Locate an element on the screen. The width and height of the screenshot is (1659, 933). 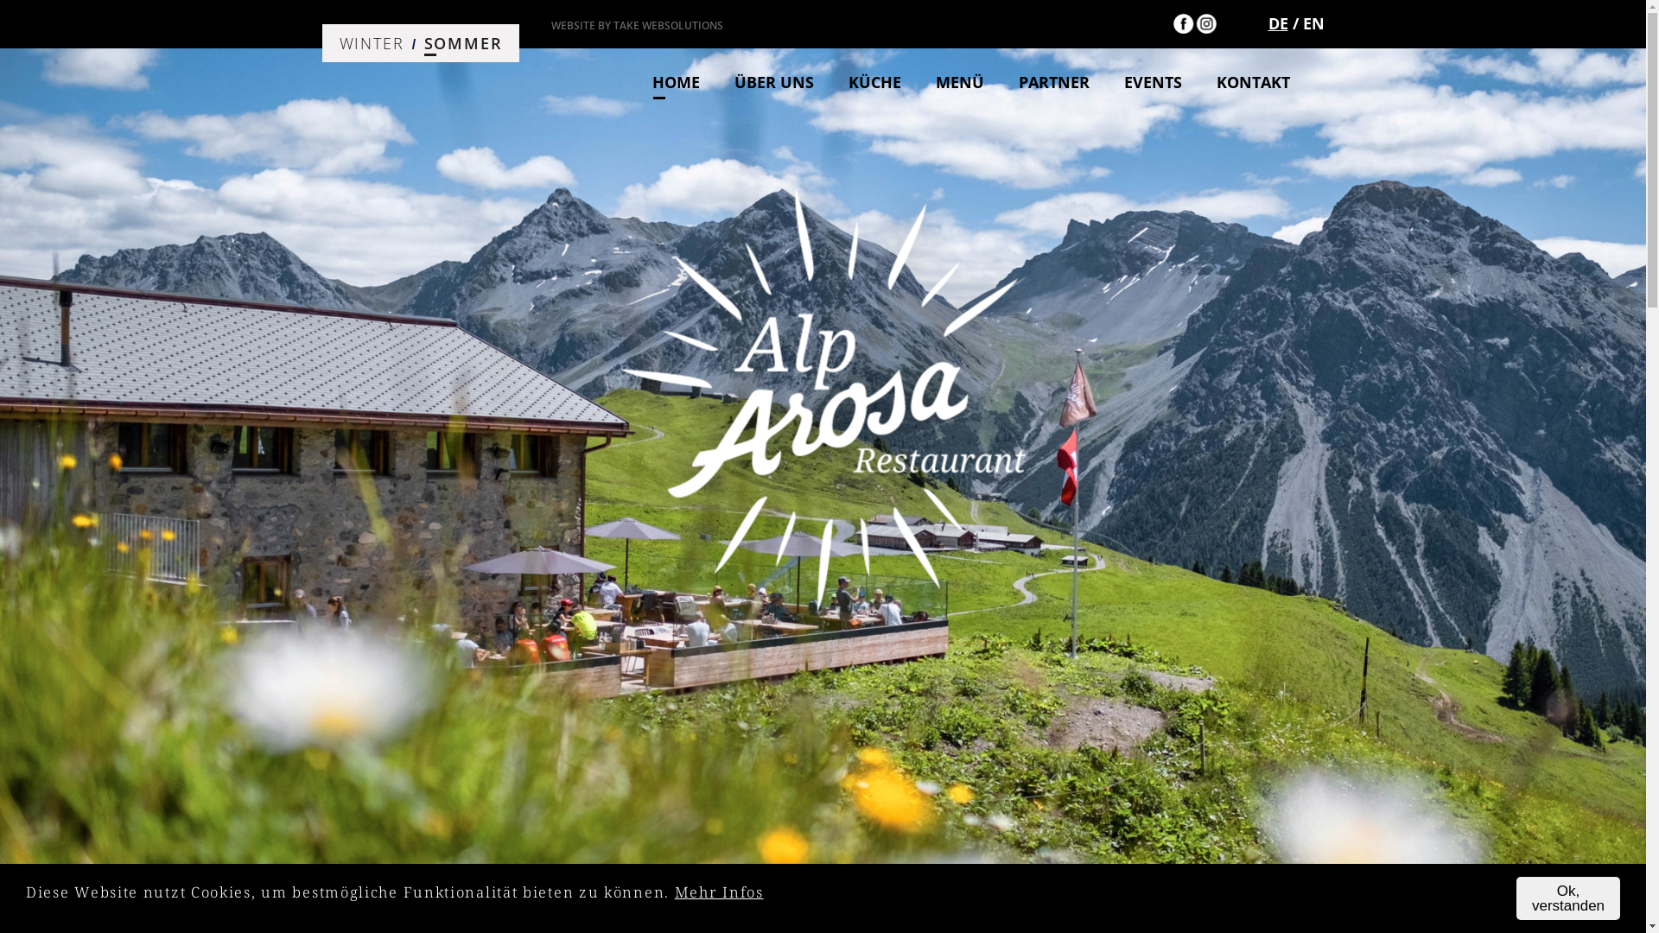
'Mehr Infos' is located at coordinates (719, 891).